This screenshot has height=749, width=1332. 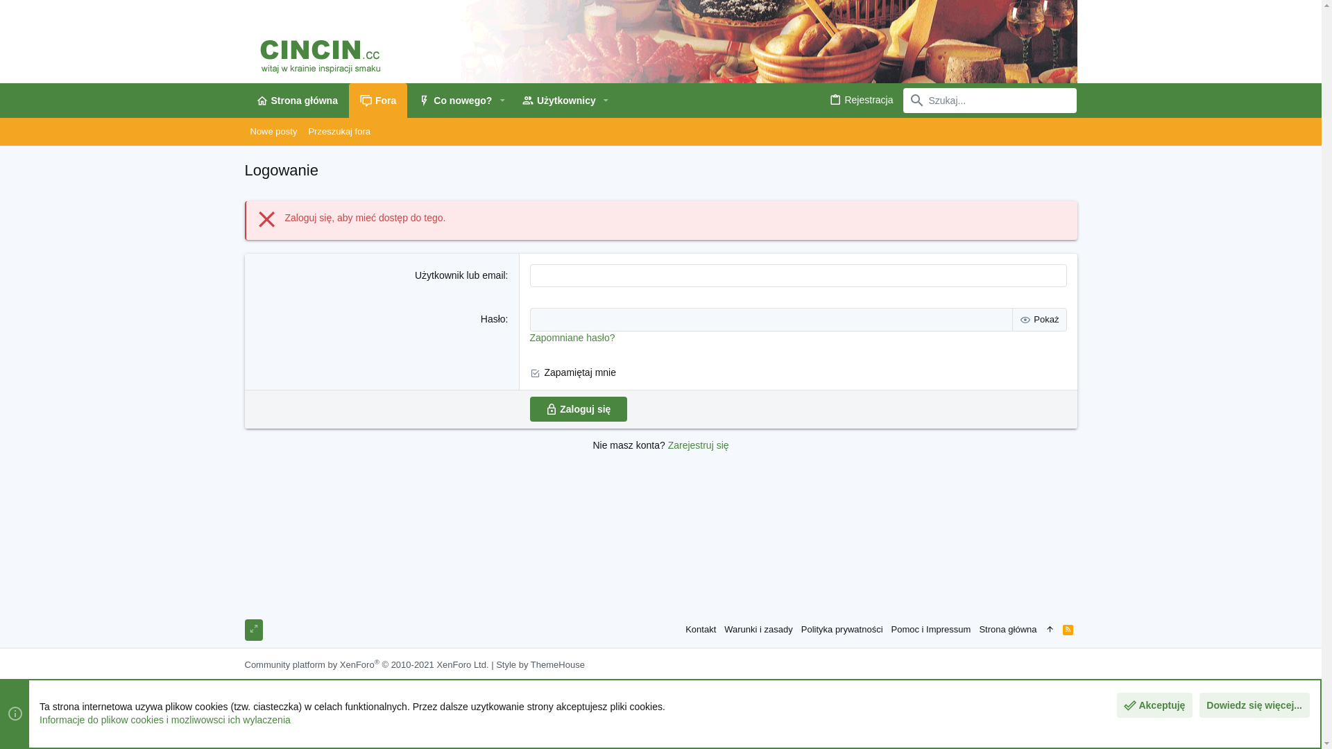 I want to click on 'Informacje do plikow cookies i mozliwowsci ich wylaczenia', so click(x=40, y=718).